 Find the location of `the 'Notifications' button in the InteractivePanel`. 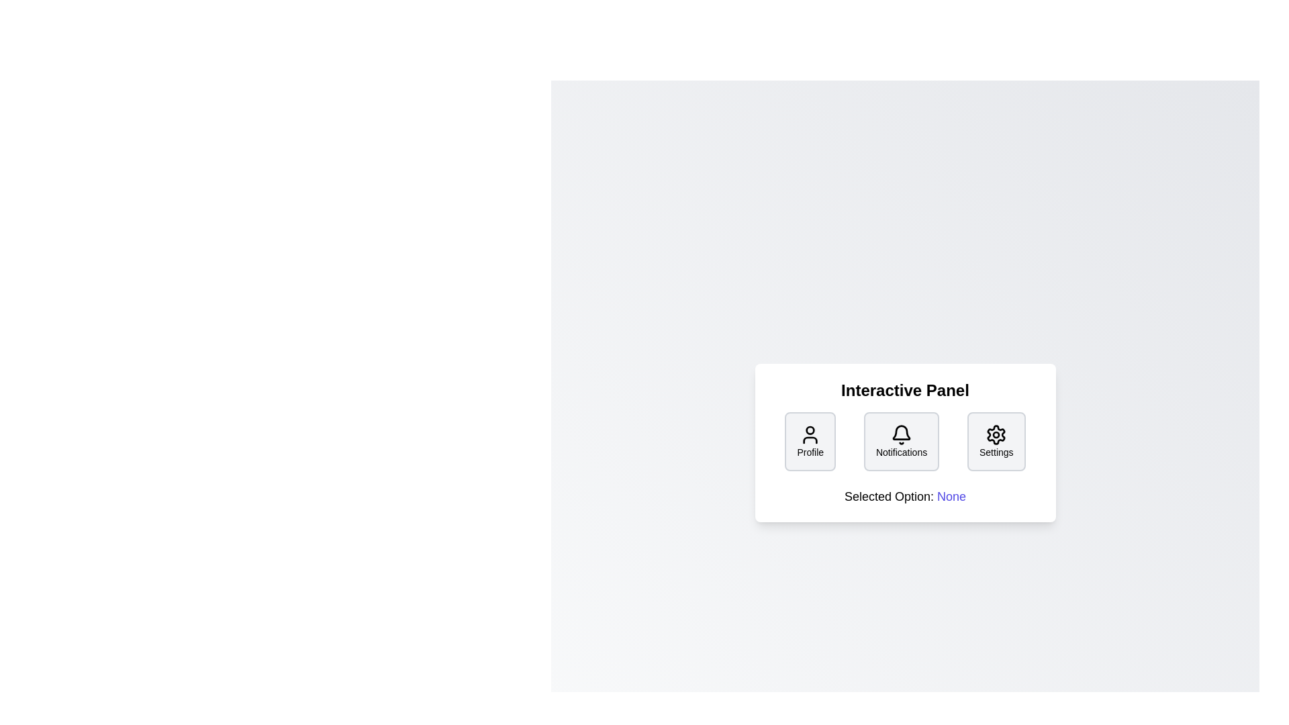

the 'Notifications' button in the InteractivePanel is located at coordinates (902, 442).